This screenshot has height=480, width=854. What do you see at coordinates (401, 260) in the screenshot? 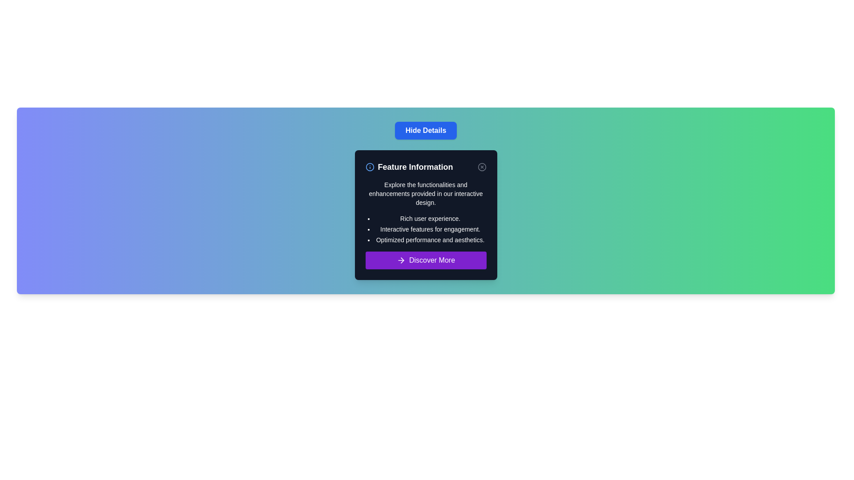
I see `the navigation icon located on the left side of the 'Discover More' button, which suggests direction or progress to the user` at bounding box center [401, 260].